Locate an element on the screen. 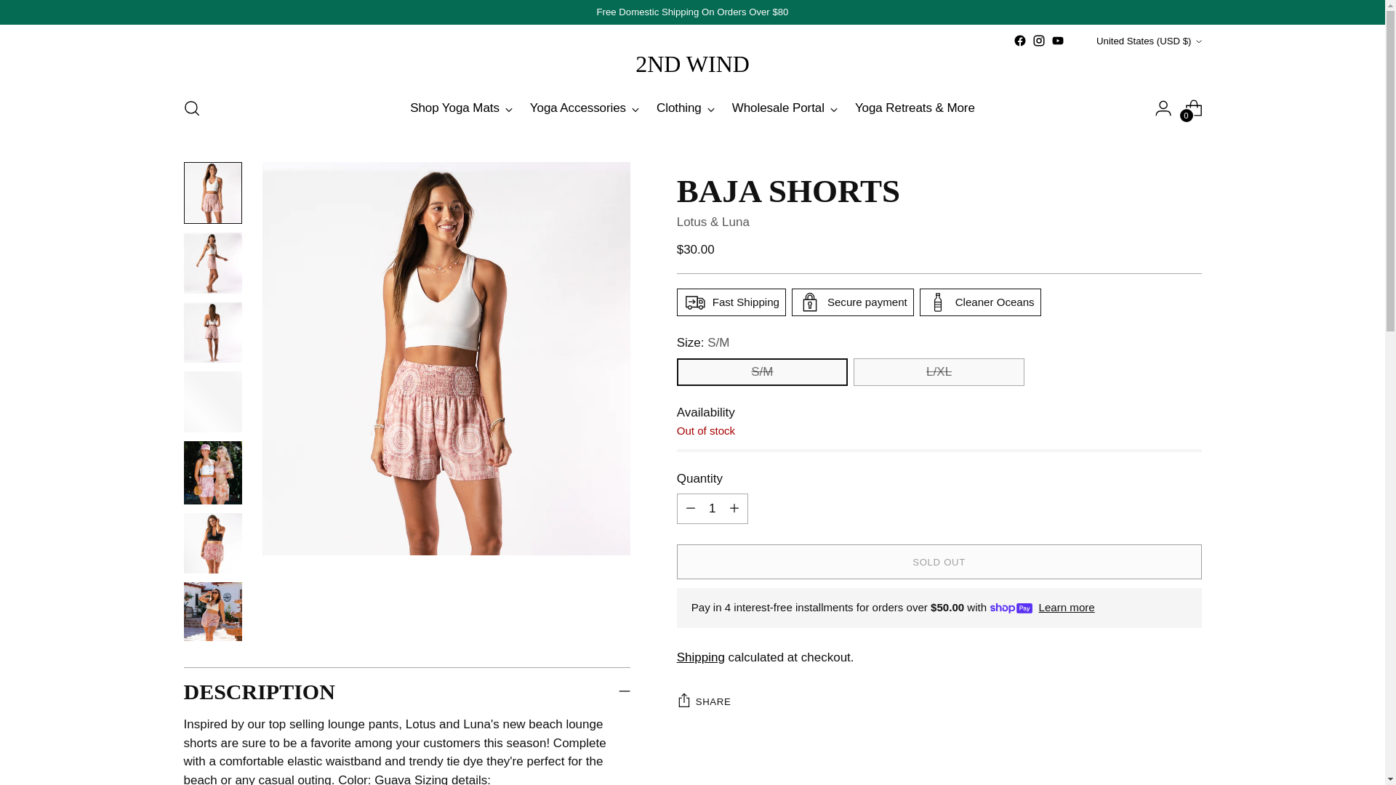 This screenshot has height=785, width=1396. 'S/M' is located at coordinates (676, 371).